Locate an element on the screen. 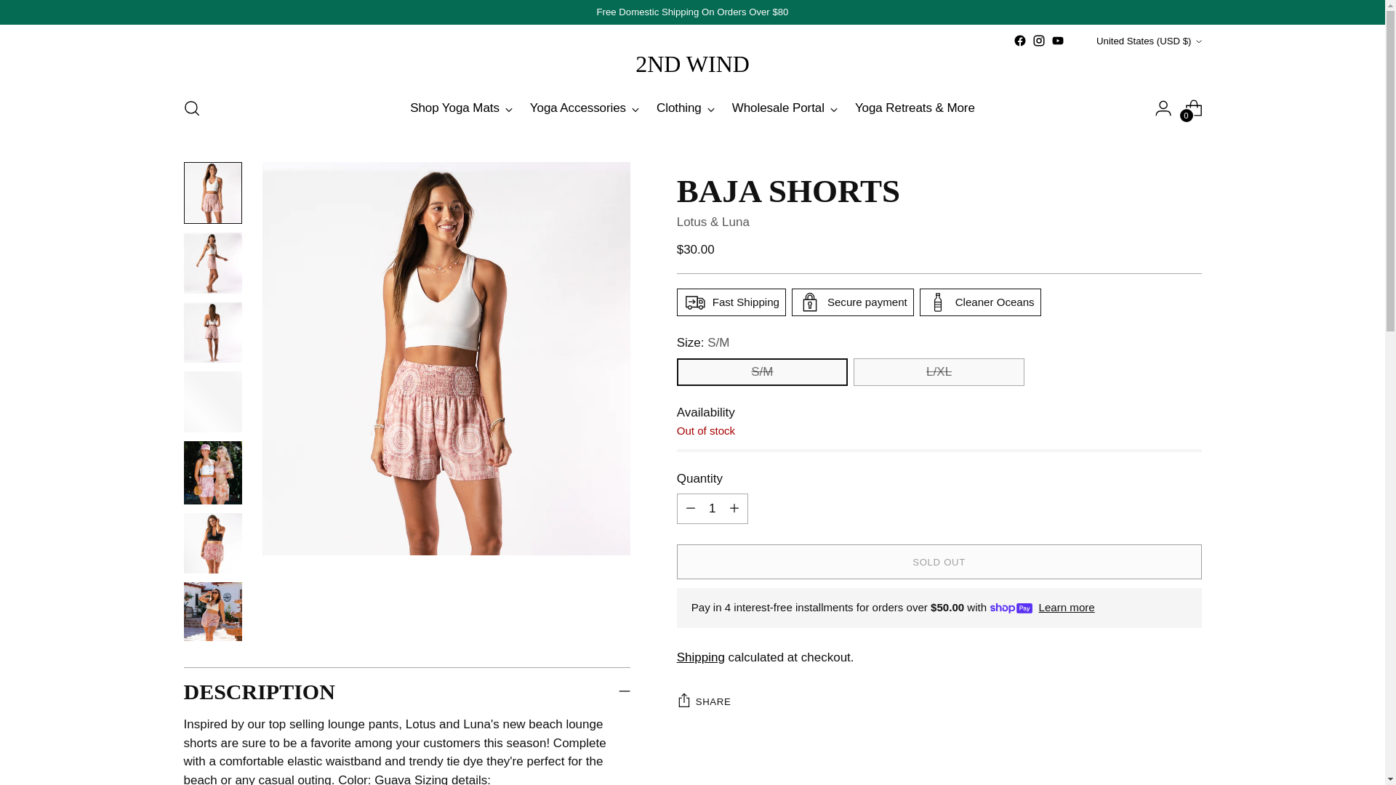 This screenshot has height=785, width=1396. 'S/M' is located at coordinates (676, 371).